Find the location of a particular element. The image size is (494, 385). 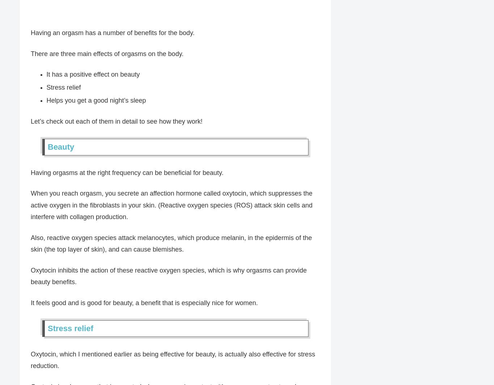

'It has a positive effect on beauty' is located at coordinates (93, 74).